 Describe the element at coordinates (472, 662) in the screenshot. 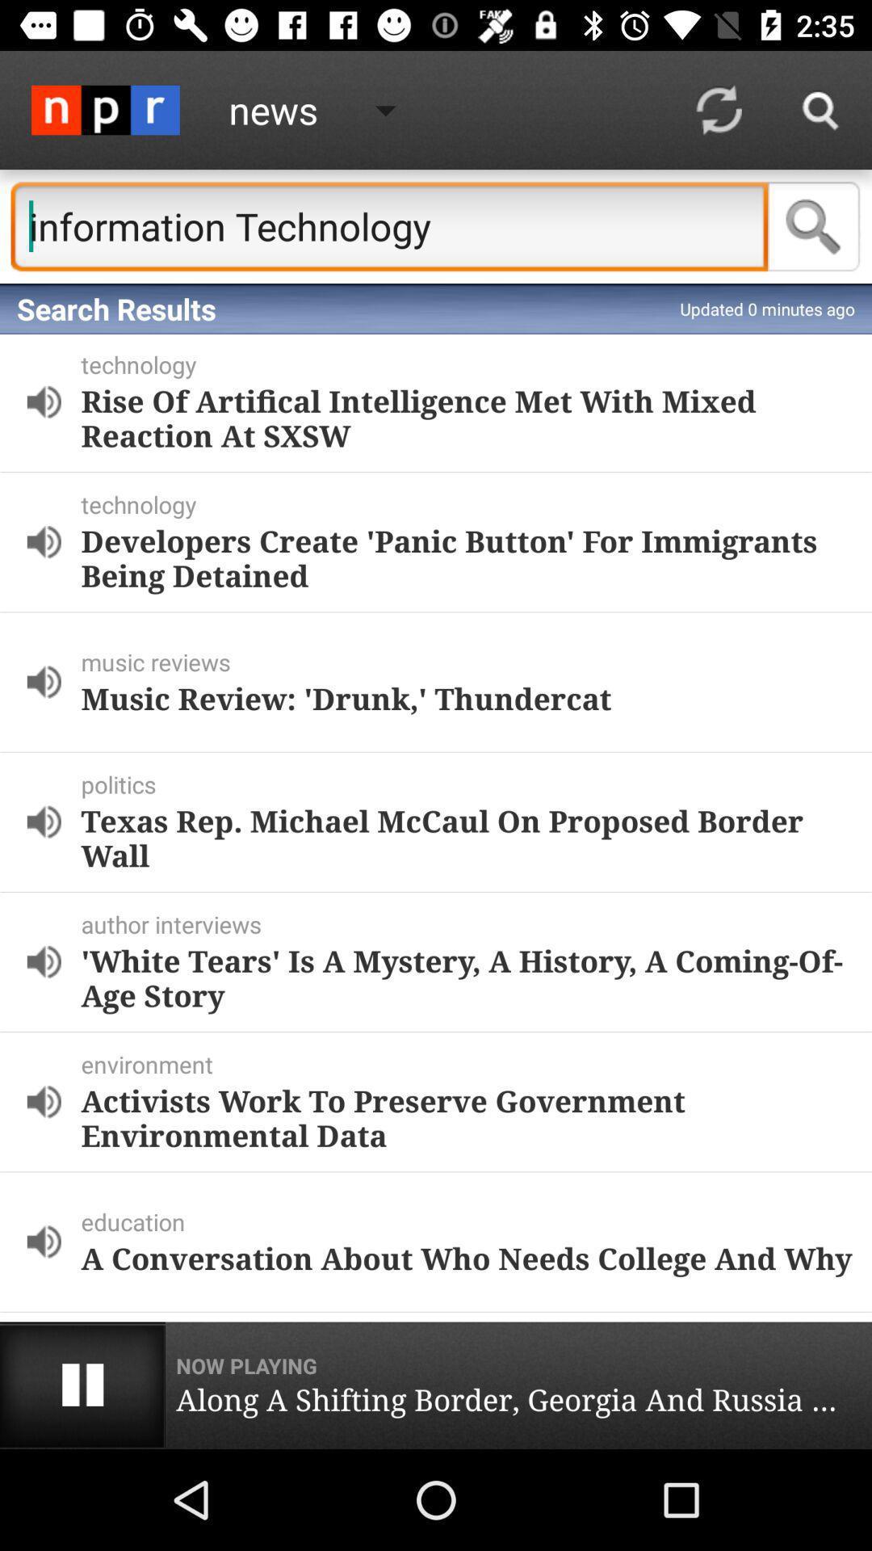

I see `the music reviews icon` at that location.